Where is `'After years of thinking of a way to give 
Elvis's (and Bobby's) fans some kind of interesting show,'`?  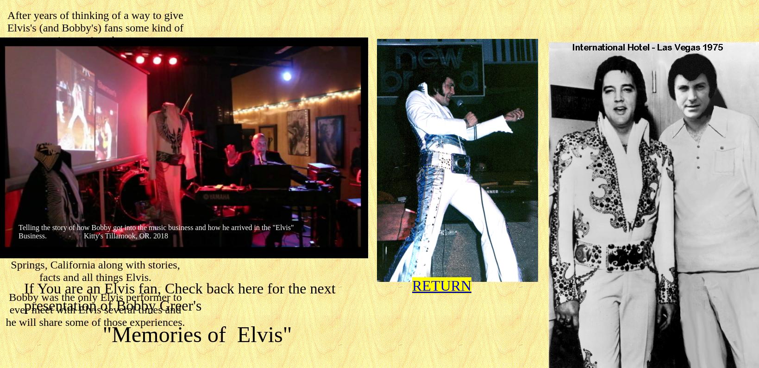
'After years of thinking of a way to give 
Elvis's (and Bobby's) fans some kind of interesting show,' is located at coordinates (7, 28).